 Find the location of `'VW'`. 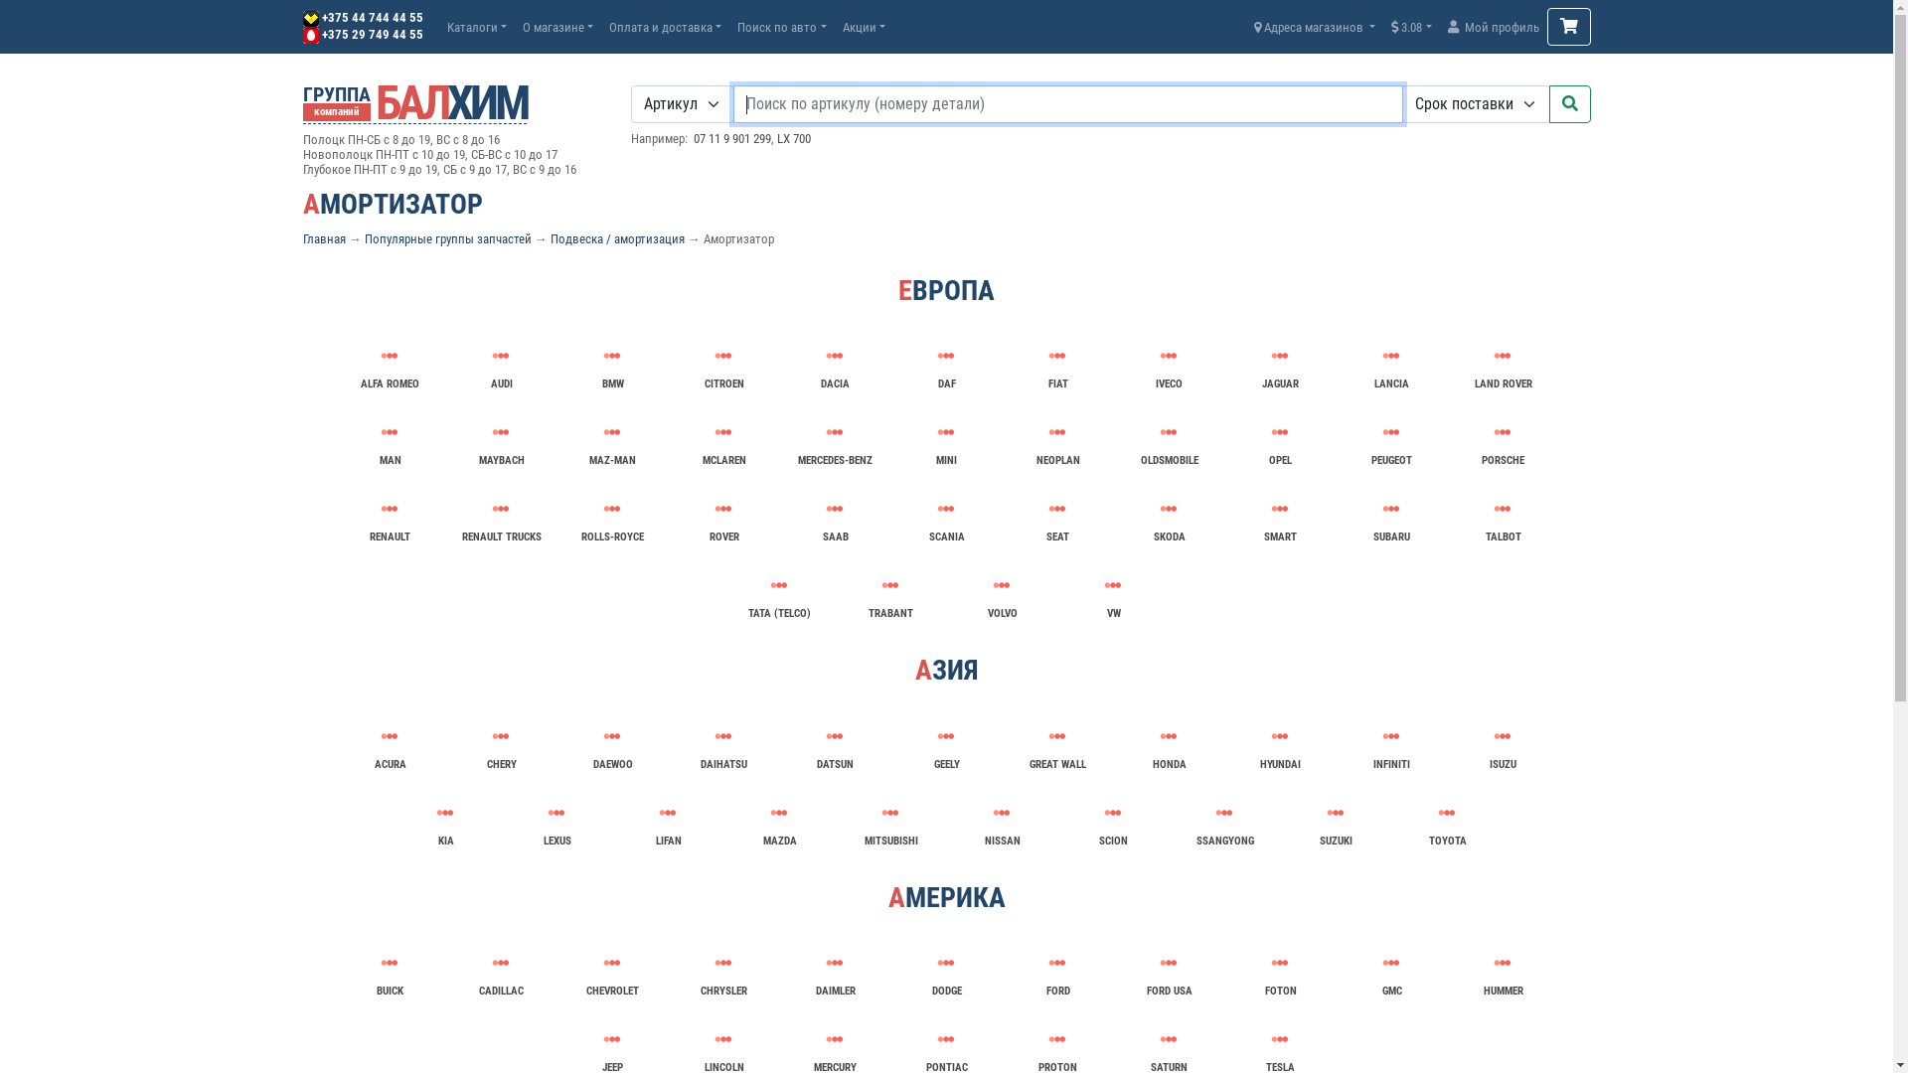

'VW' is located at coordinates (1113, 591).